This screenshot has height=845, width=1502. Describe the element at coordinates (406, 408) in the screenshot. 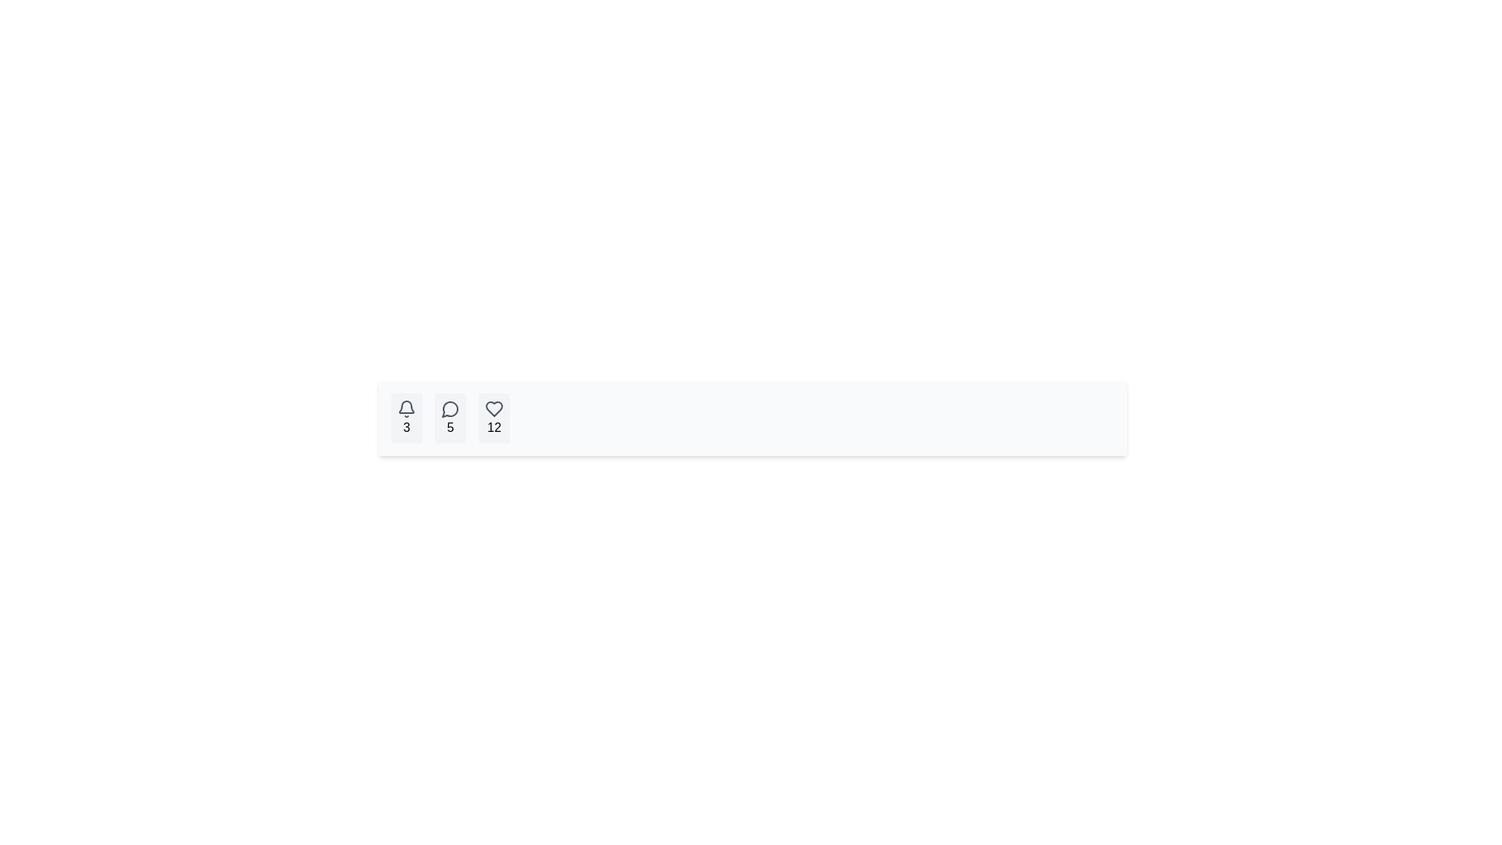

I see `the bell icon, which is outlined with a gray stroke and represents notifications, for extended options` at that location.